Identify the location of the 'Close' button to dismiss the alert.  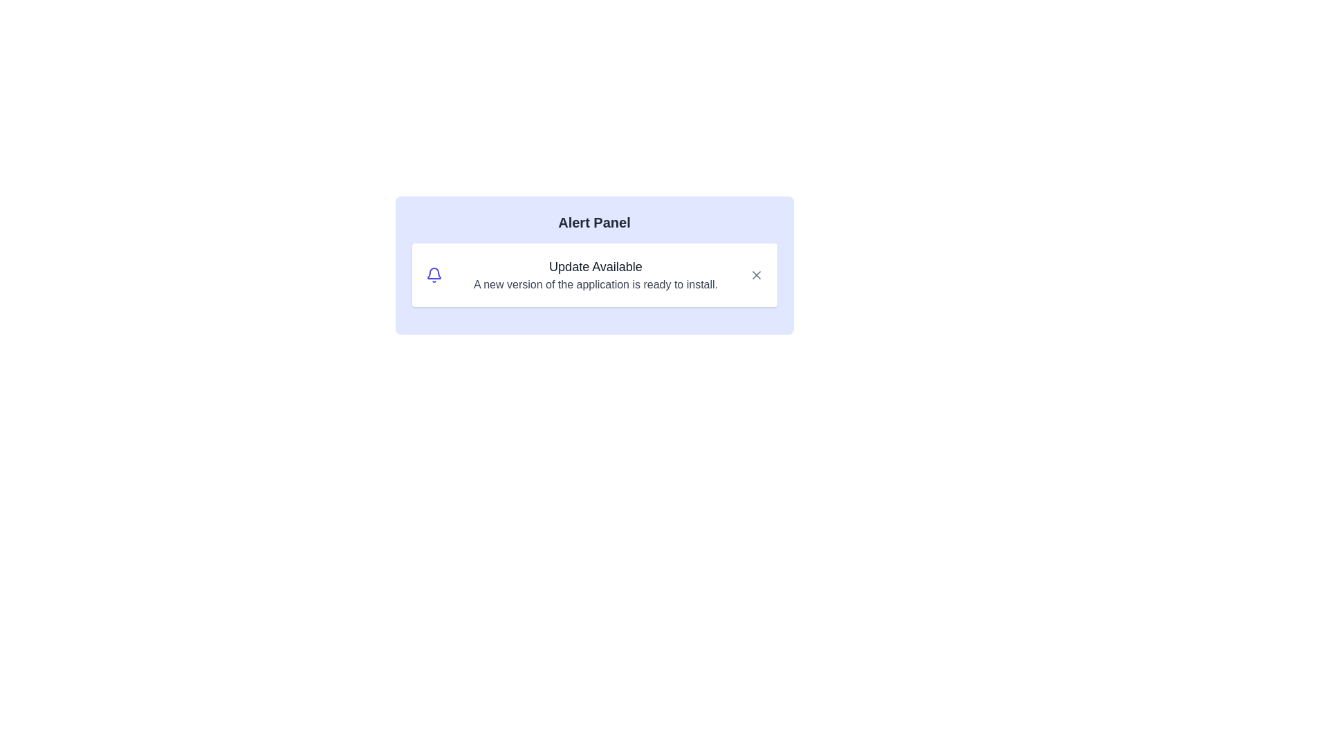
(755, 275).